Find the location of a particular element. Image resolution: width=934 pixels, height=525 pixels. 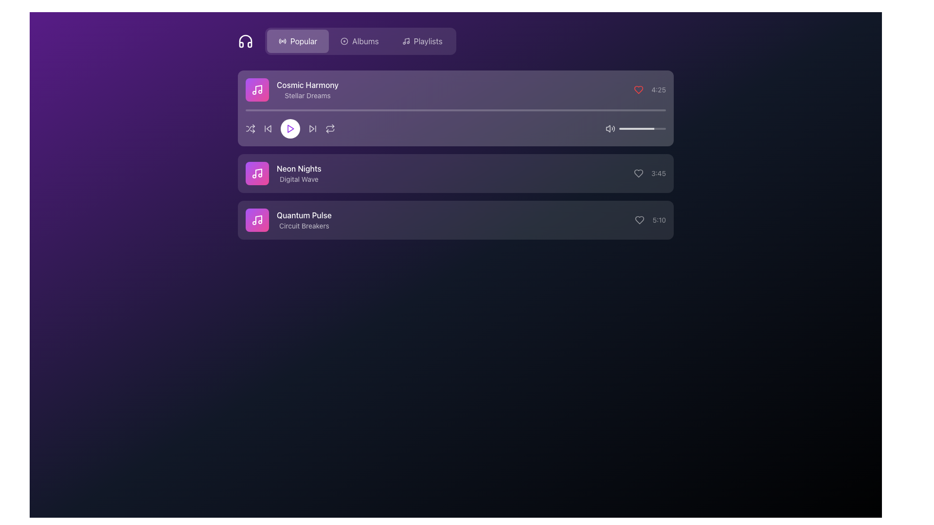

the slider is located at coordinates (639, 128).